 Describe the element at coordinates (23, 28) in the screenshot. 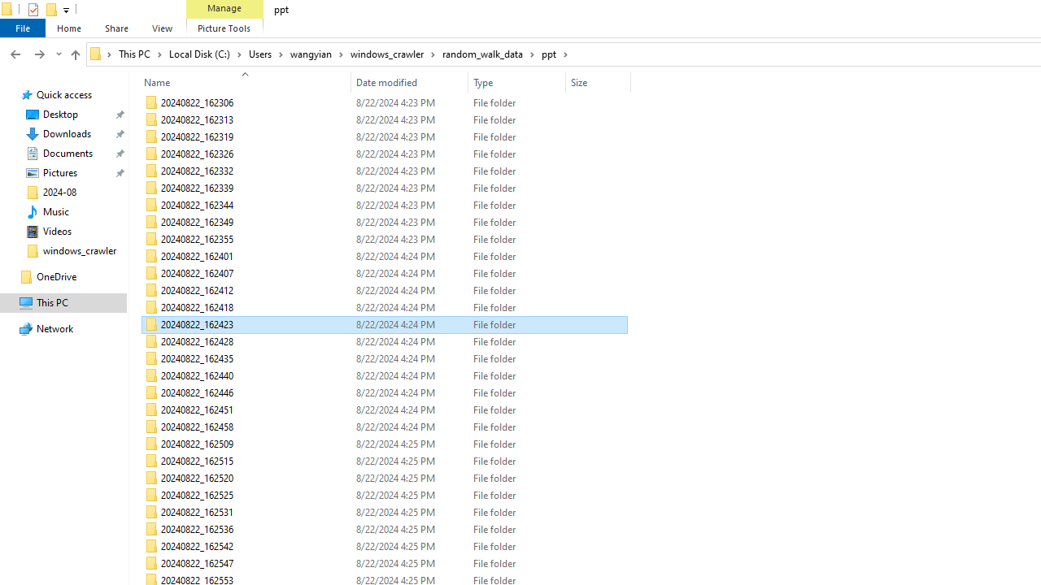

I see `'File tab'` at that location.